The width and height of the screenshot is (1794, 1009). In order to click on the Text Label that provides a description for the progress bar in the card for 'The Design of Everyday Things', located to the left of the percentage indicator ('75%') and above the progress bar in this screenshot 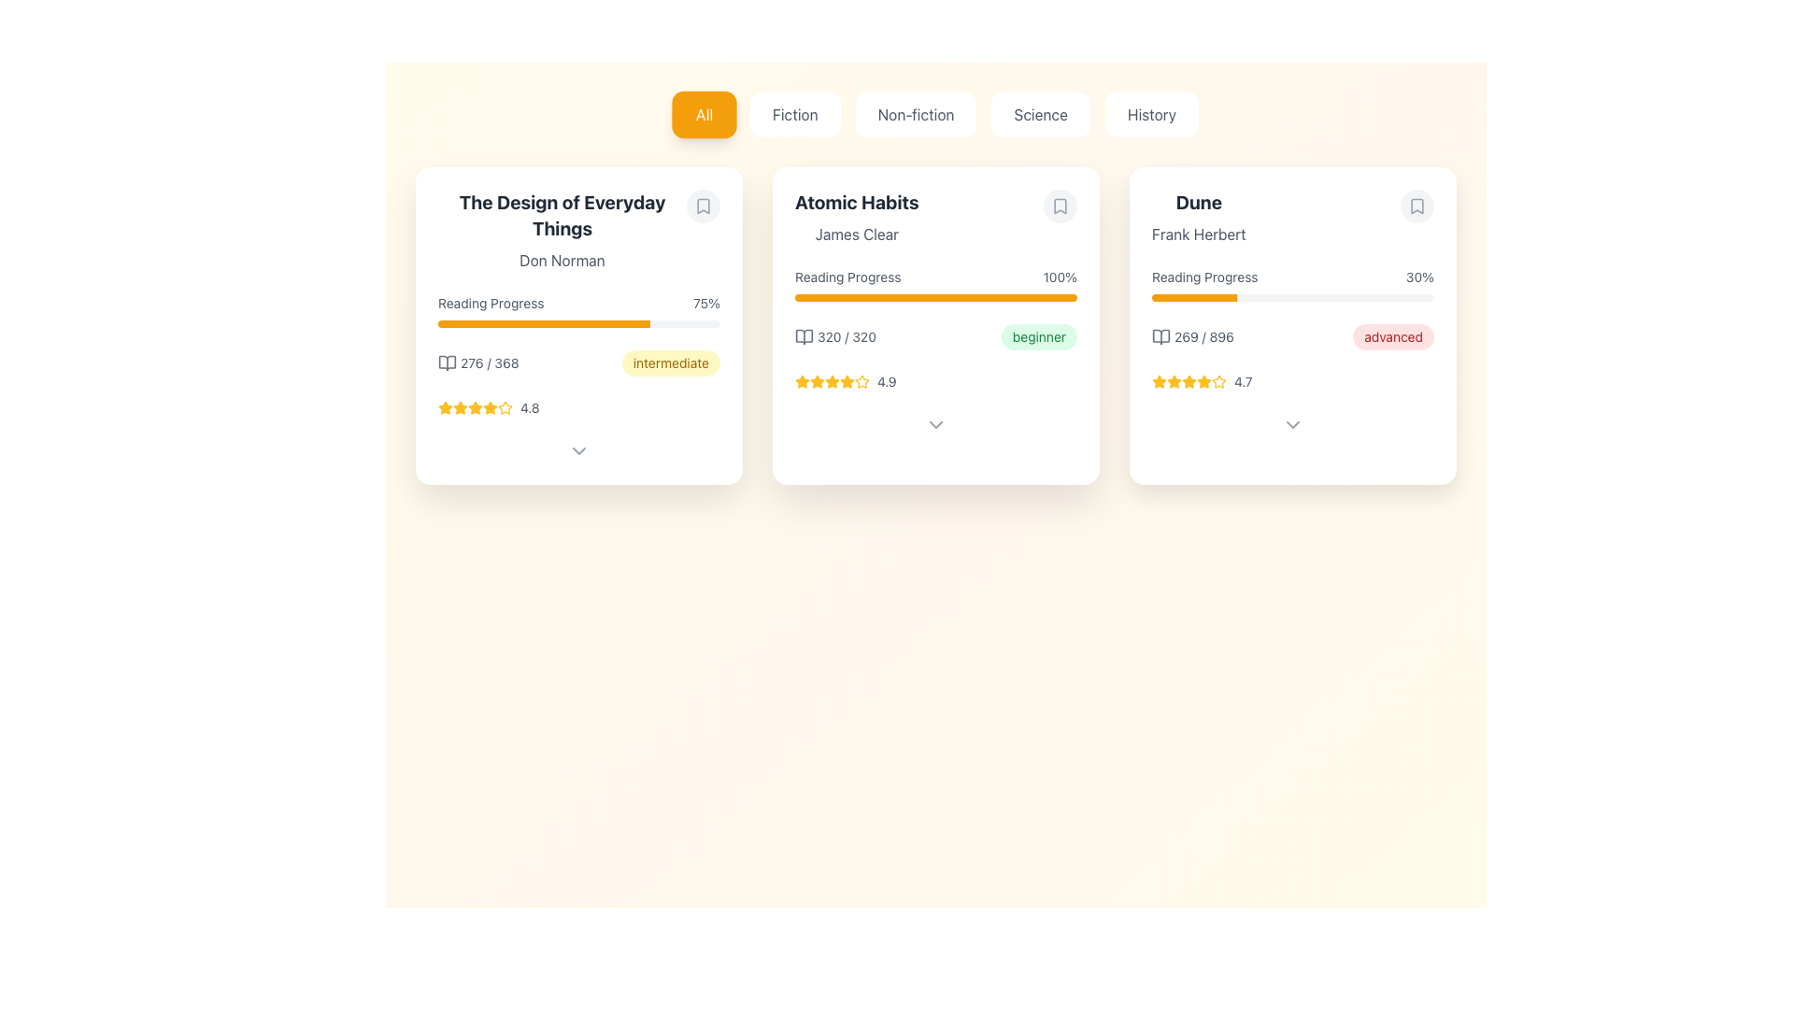, I will do `click(491, 302)`.